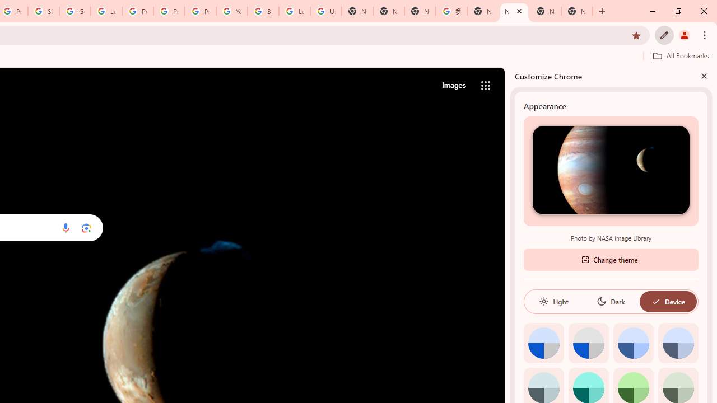  What do you see at coordinates (588, 342) in the screenshot?
I see `'Grey default color'` at bounding box center [588, 342].